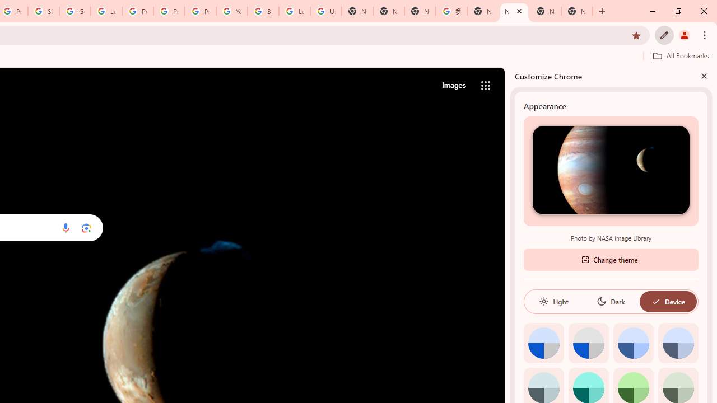  What do you see at coordinates (588, 342) in the screenshot?
I see `'Grey default color'` at bounding box center [588, 342].